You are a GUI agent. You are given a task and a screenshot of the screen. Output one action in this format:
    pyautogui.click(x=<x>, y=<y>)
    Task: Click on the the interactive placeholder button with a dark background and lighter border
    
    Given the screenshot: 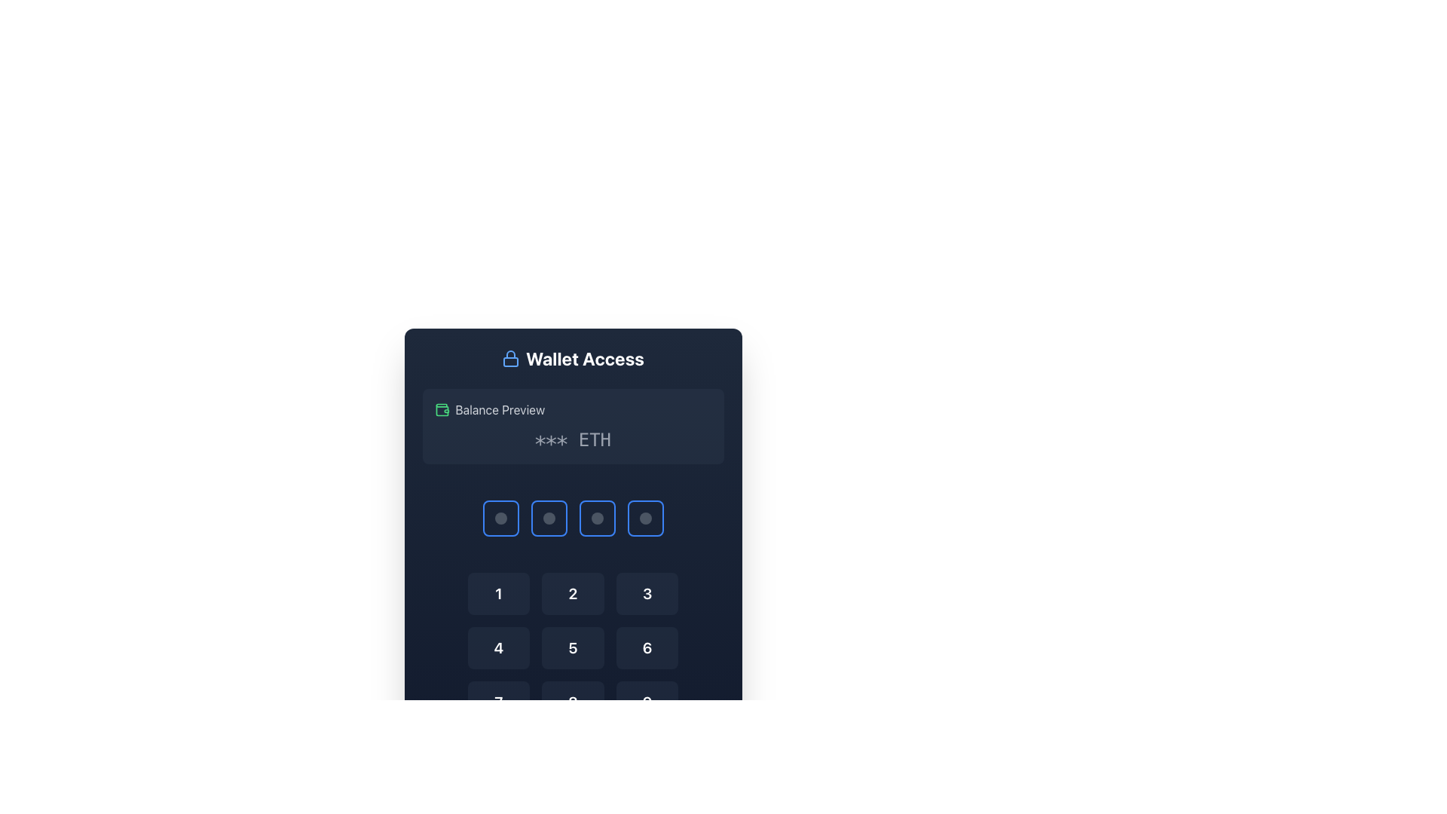 What is the action you would take?
    pyautogui.click(x=596, y=517)
    